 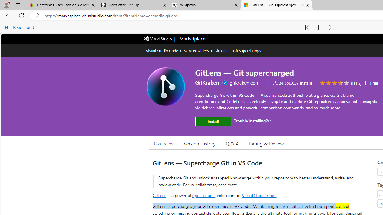 What do you see at coordinates (163, 143) in the screenshot?
I see `'Overview'` at bounding box center [163, 143].